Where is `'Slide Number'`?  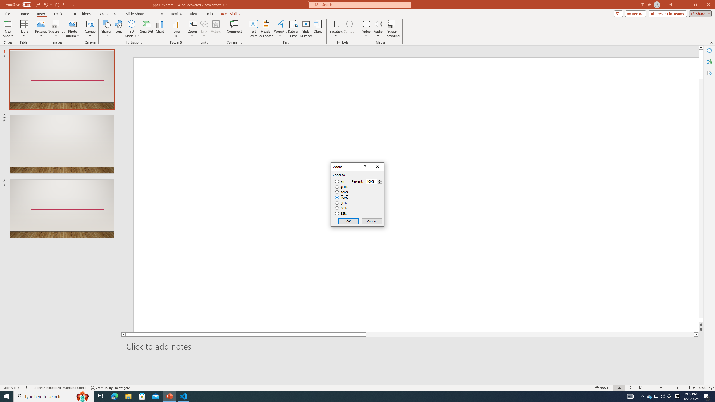
'Slide Number' is located at coordinates (306, 29).